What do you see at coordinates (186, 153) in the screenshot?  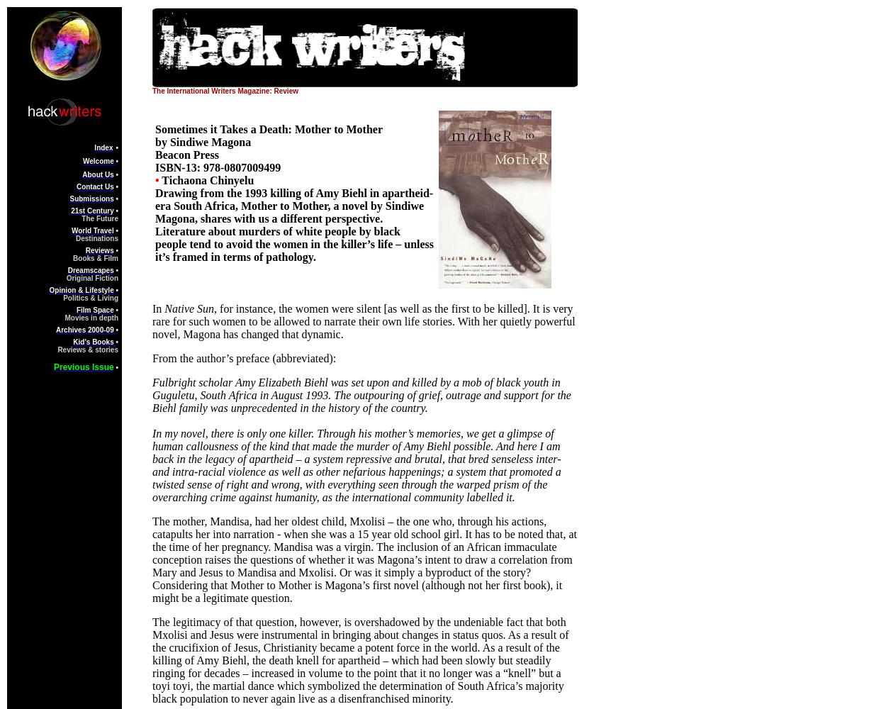 I see `'Beacon Press'` at bounding box center [186, 153].